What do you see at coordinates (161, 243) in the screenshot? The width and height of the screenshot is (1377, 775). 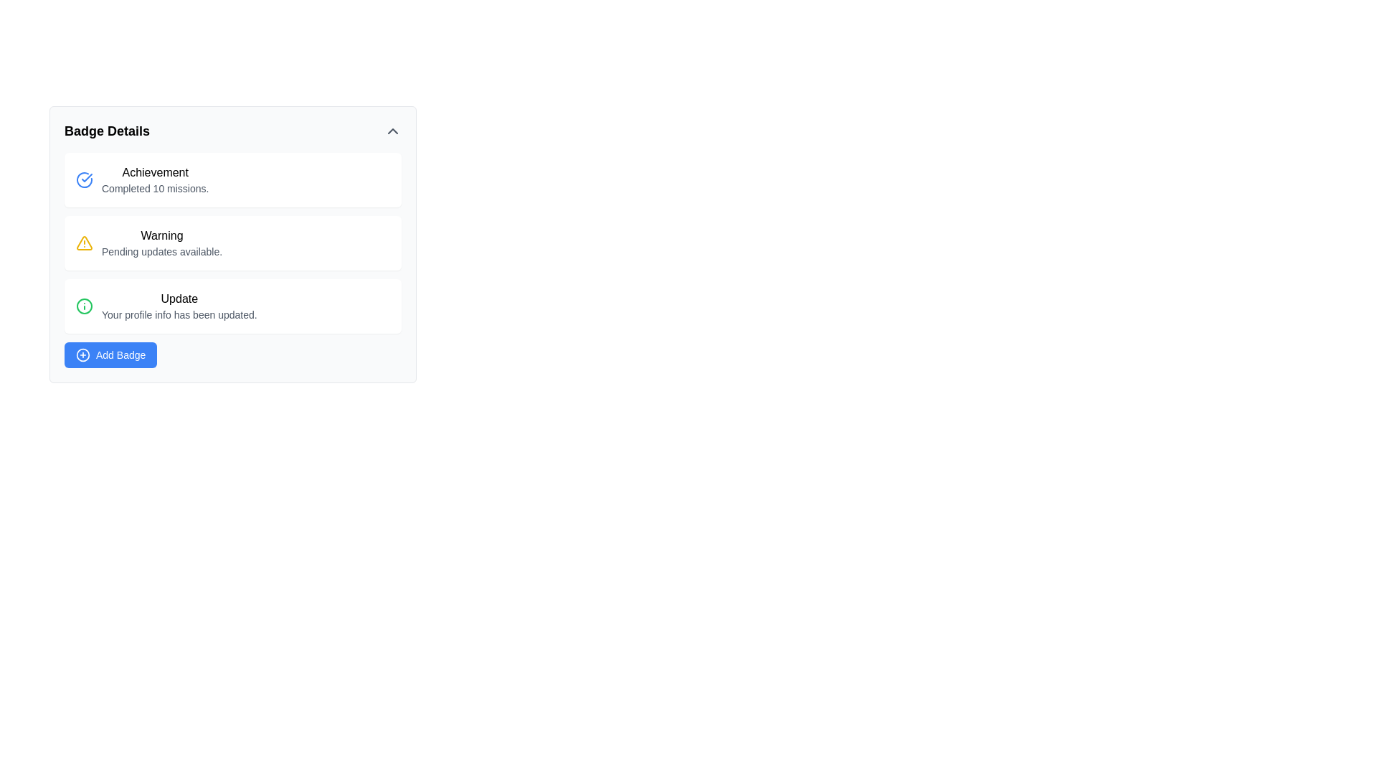 I see `the information displayed in the warning text block, which includes the title 'Warning' and the message 'Pending updates available.'` at bounding box center [161, 243].